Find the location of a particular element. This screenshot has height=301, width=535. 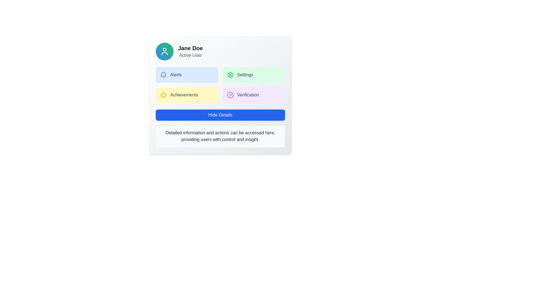

the alert notifications icon located inside the 'Alerts' button in the top-left corner of the four-button grid is located at coordinates (163, 75).